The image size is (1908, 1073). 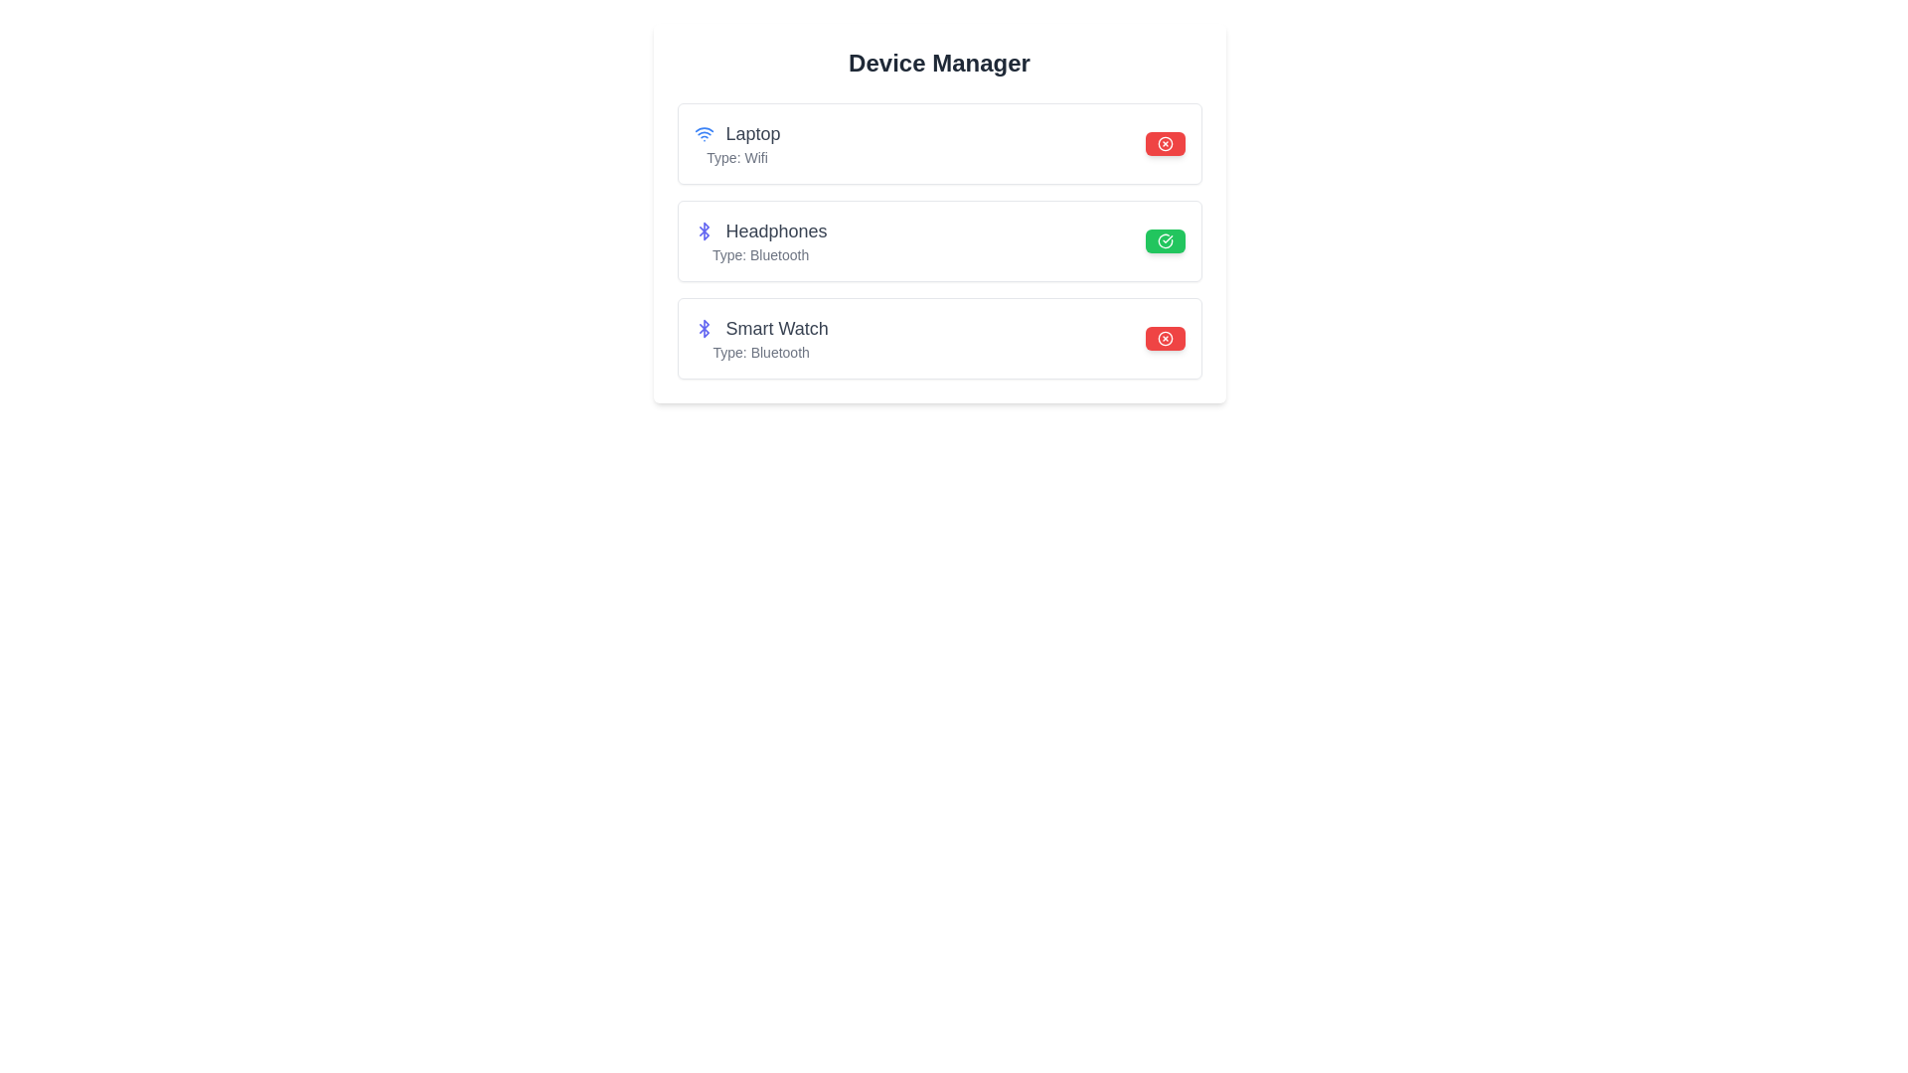 I want to click on text of the Smart Watch label, which is the third item in the vertically stacked list within the 'Device Manager' interface, positioned between 'Headphones' and 'Type: Bluetooth', so click(x=760, y=328).